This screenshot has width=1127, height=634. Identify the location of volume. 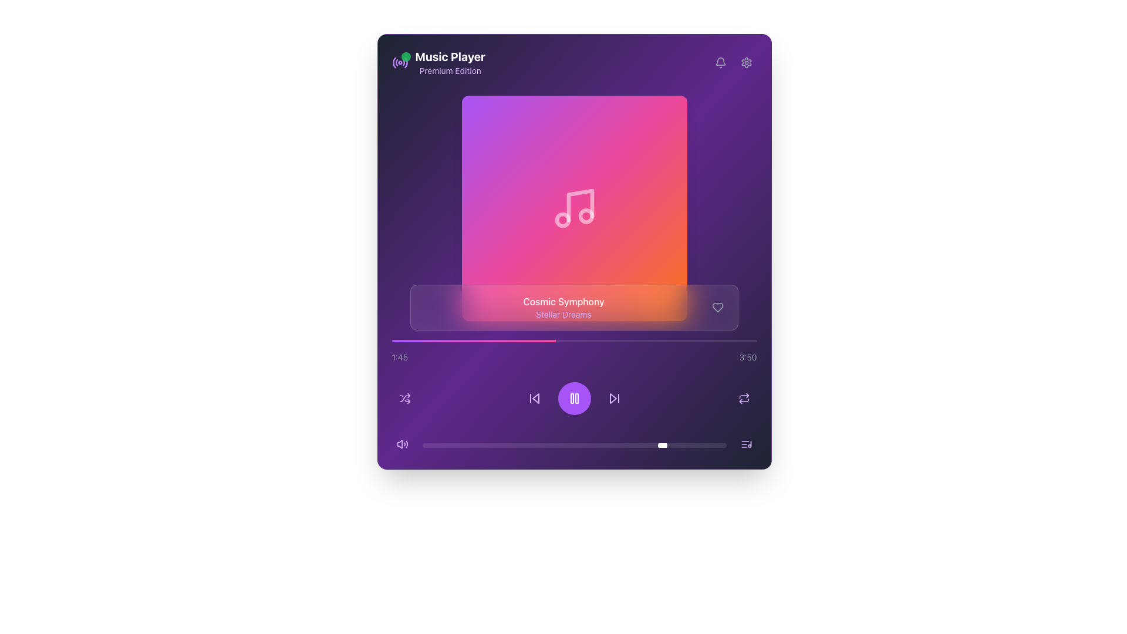
(528, 446).